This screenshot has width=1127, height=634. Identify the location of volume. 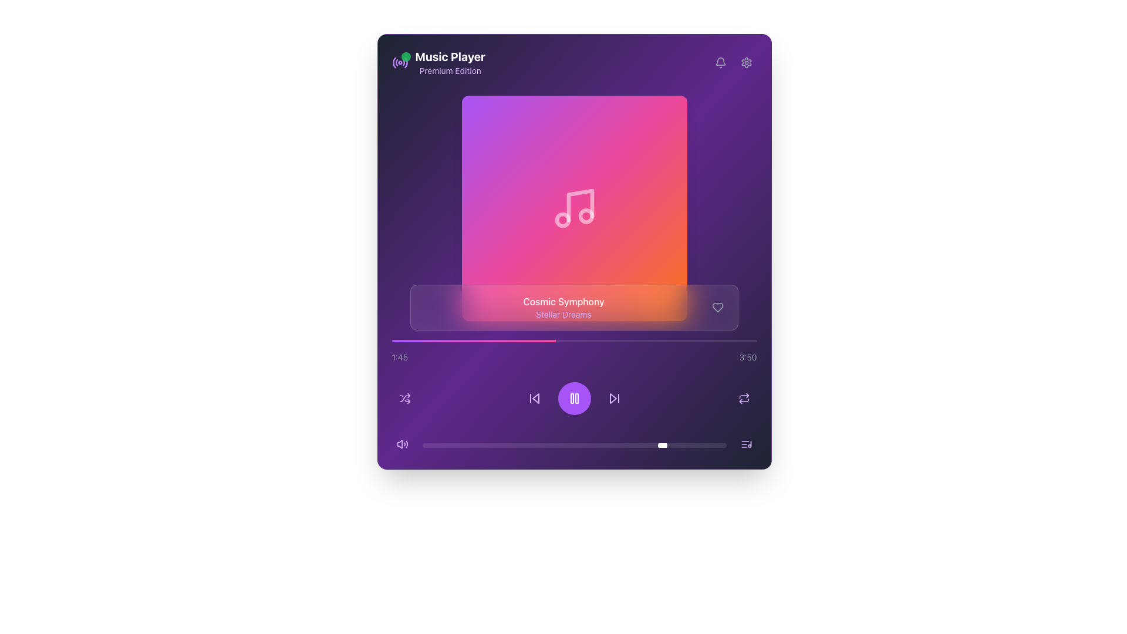
(528, 446).